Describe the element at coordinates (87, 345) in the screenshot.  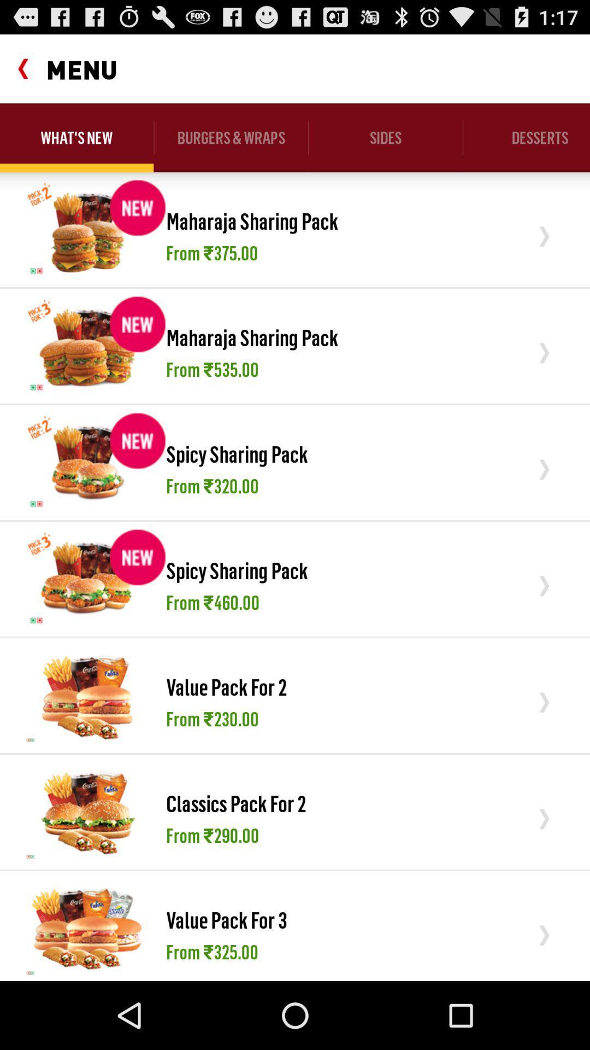
I see `item to the left of maharaja sharing pack item` at that location.